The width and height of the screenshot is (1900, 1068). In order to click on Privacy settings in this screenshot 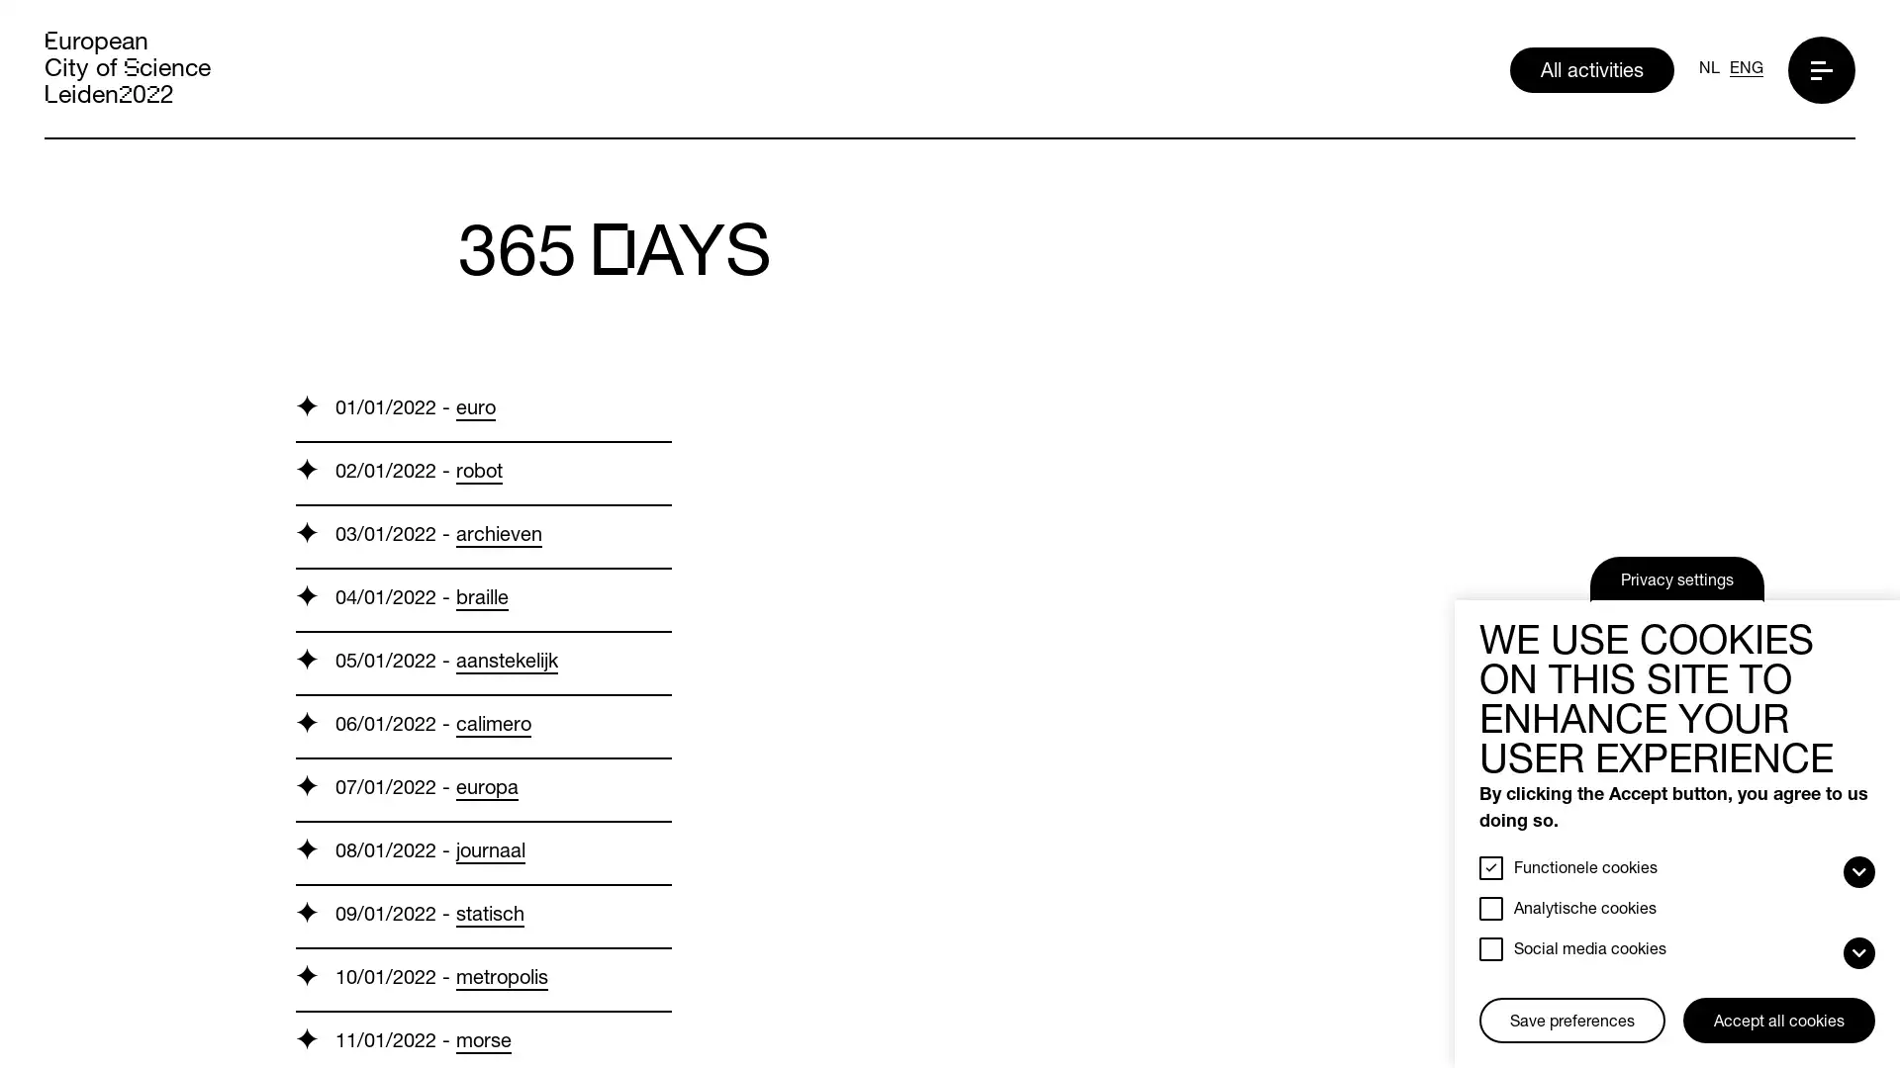, I will do `click(1675, 578)`.